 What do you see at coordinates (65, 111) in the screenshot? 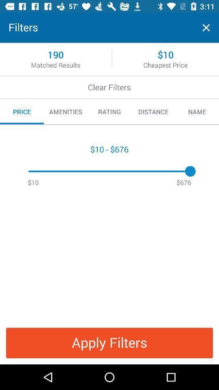
I see `the item to the right of price item` at bounding box center [65, 111].